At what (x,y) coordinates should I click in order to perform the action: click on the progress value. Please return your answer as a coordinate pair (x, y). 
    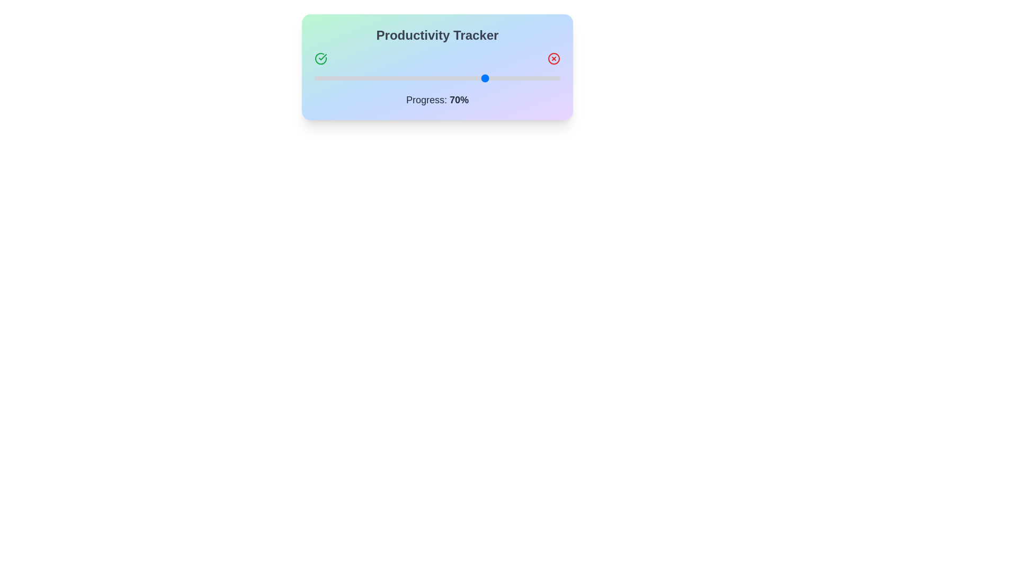
    Looking at the image, I should click on (366, 77).